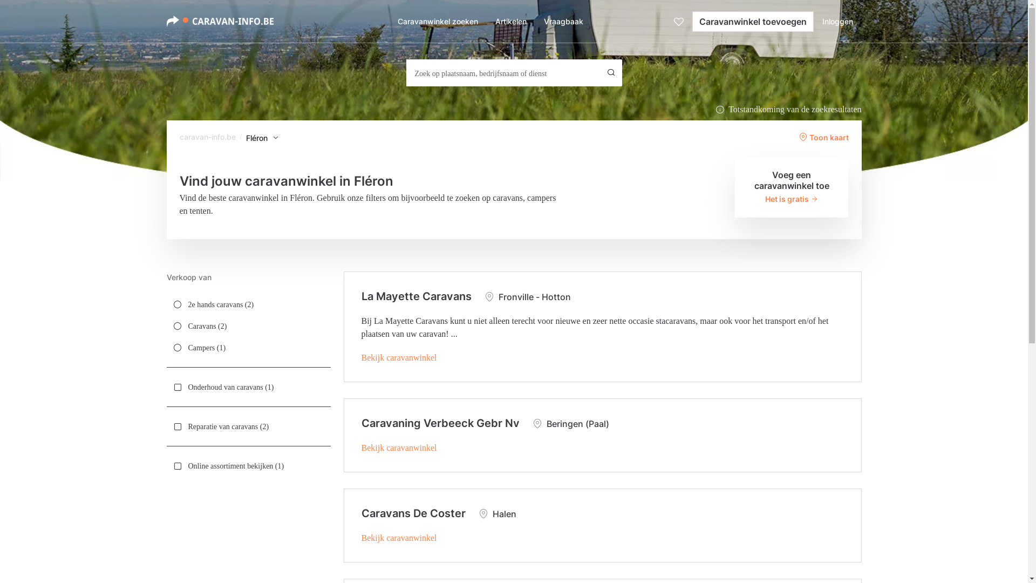  Describe the element at coordinates (207, 136) in the screenshot. I see `'caravan-info.be'` at that location.